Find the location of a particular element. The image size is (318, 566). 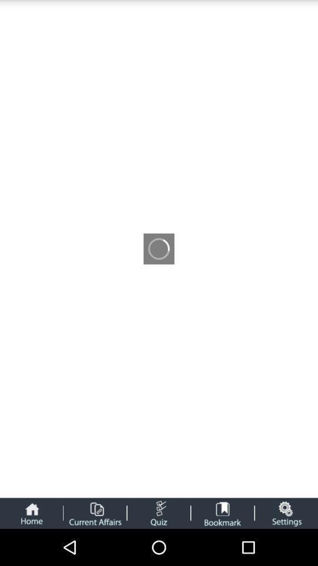

settings is located at coordinates (286, 512).